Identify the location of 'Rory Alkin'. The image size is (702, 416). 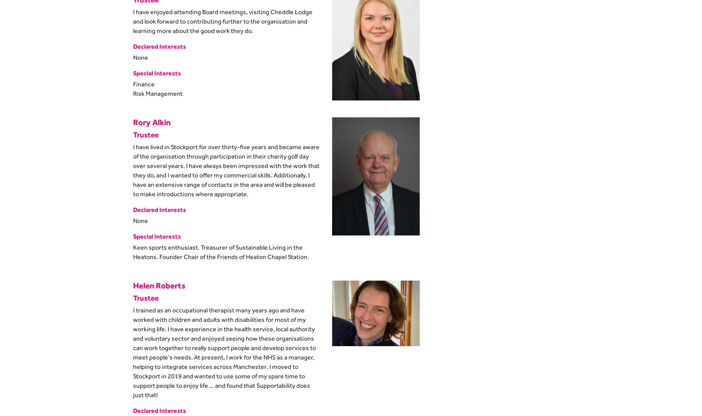
(151, 122).